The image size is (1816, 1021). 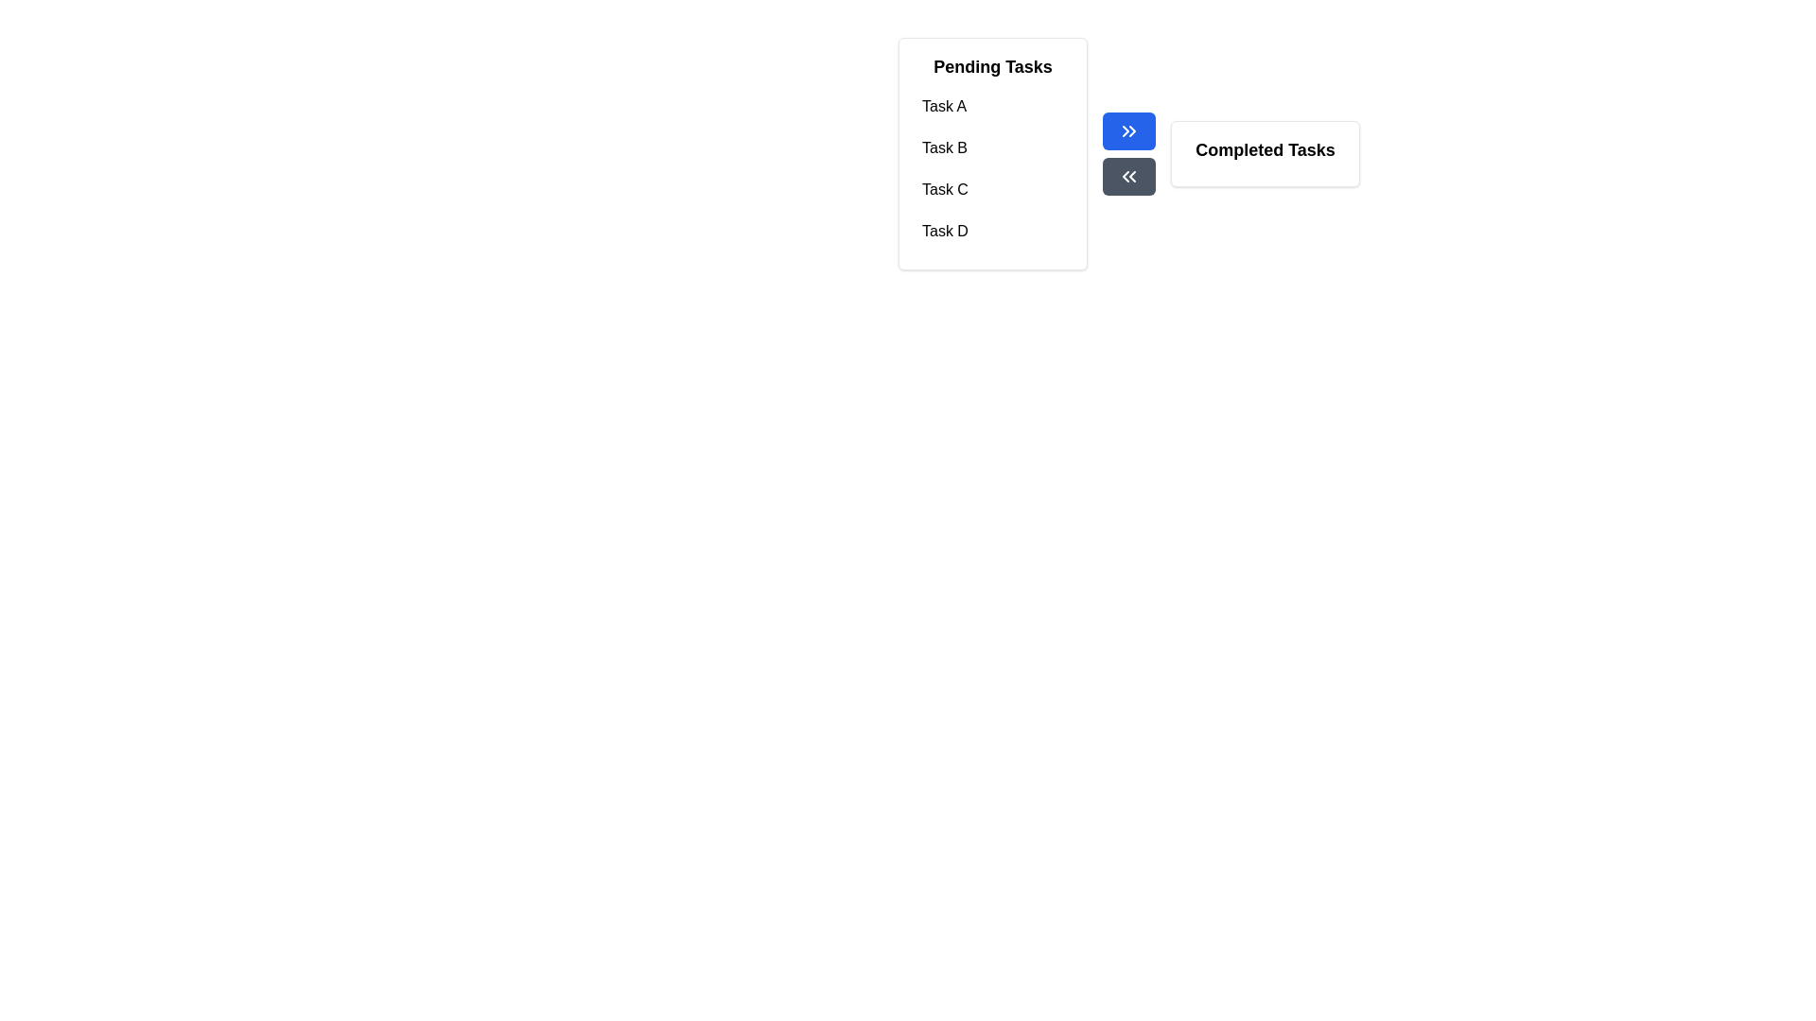 I want to click on the list item labeled 'Task B' which is styled with a white background and rounded corners by clicking on it, so click(x=992, y=147).